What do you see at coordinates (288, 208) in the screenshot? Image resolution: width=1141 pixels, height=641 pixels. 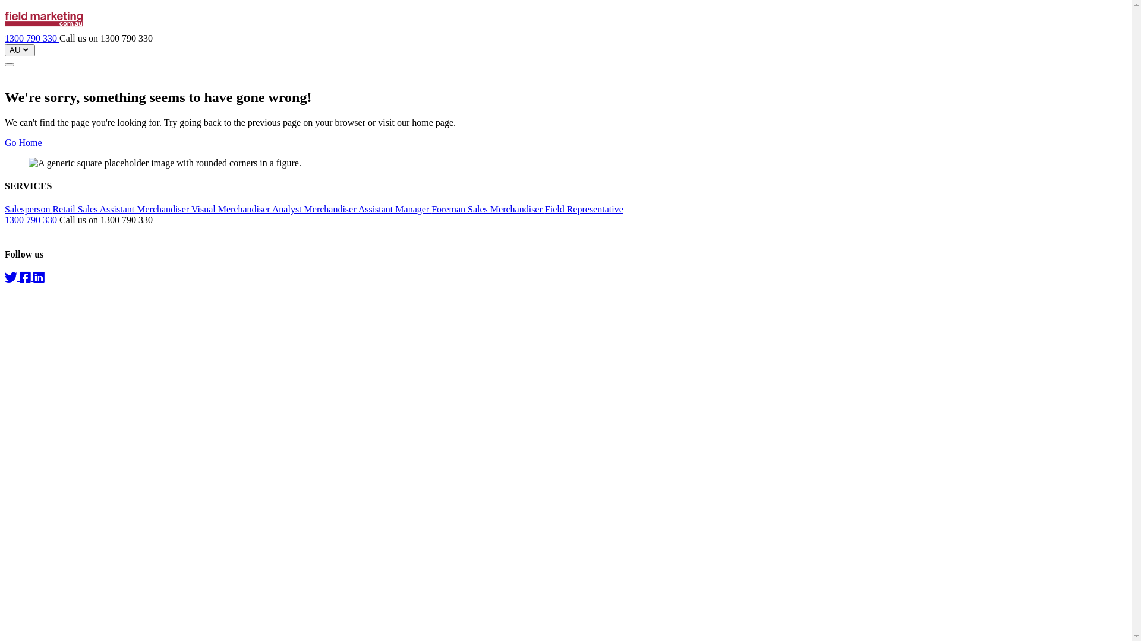 I see `'Analyst'` at bounding box center [288, 208].